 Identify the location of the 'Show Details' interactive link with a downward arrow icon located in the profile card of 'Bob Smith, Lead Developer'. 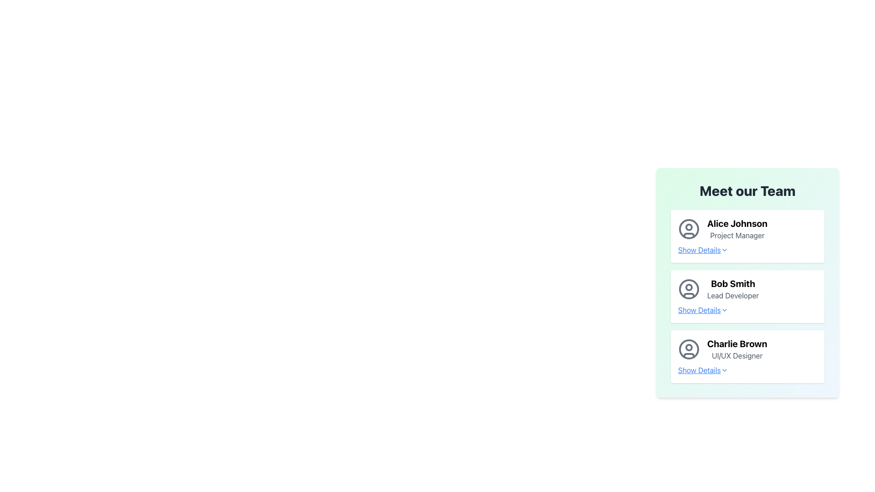
(702, 310).